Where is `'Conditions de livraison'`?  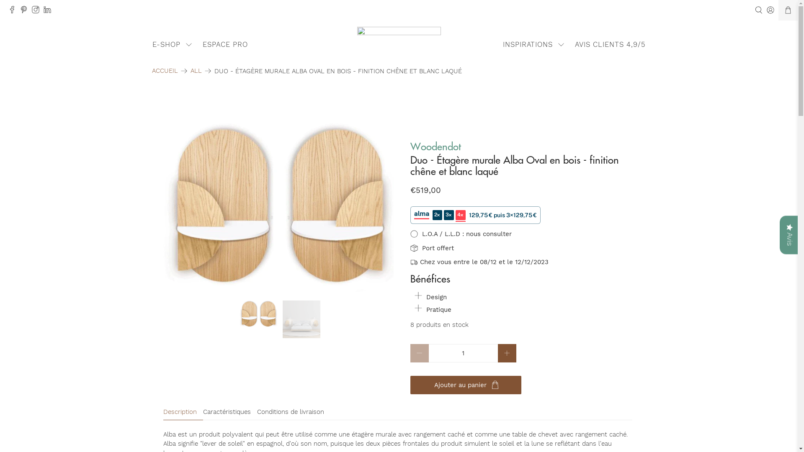 'Conditions de livraison' is located at coordinates (294, 412).